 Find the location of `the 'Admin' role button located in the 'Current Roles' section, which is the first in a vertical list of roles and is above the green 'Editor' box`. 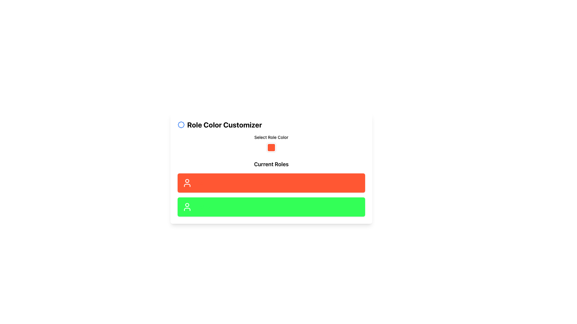

the 'Admin' role button located in the 'Current Roles' section, which is the first in a vertical list of roles and is above the green 'Editor' box is located at coordinates (271, 182).